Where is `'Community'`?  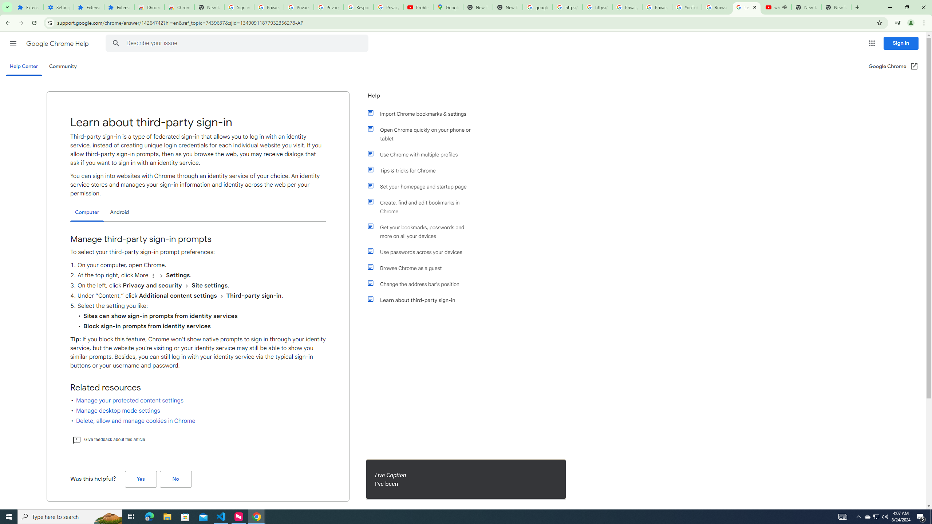 'Community' is located at coordinates (62, 66).